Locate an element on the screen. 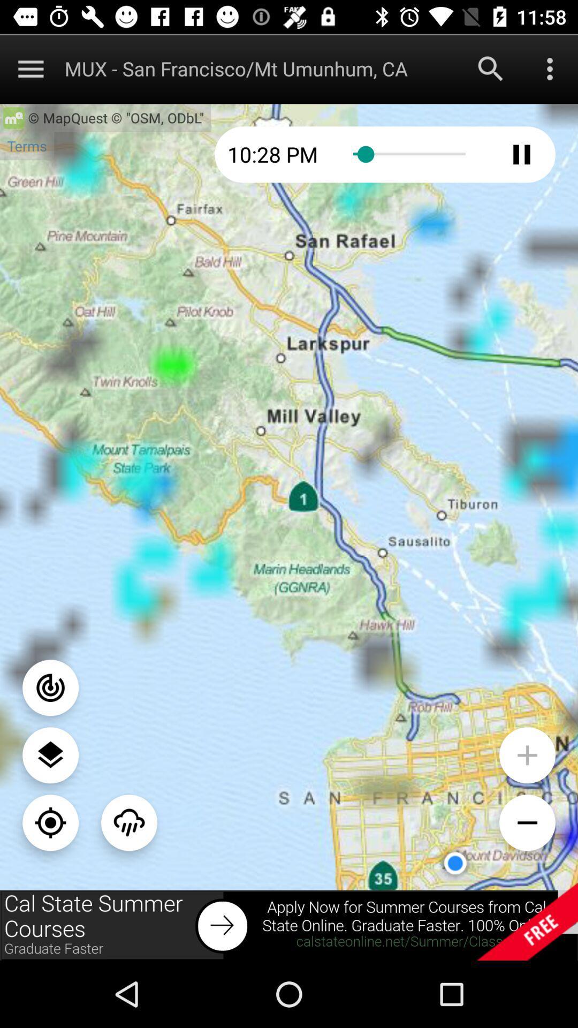 The height and width of the screenshot is (1028, 578). zoom button is located at coordinates (527, 822).